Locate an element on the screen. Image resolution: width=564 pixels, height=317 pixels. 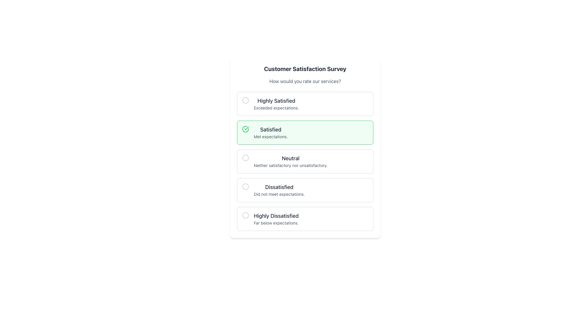
the Radio Button Indicator for the 'Highly Dissatisfied' feedback option in the customer satisfaction survey interface, located in the fifth row is located at coordinates (245, 215).